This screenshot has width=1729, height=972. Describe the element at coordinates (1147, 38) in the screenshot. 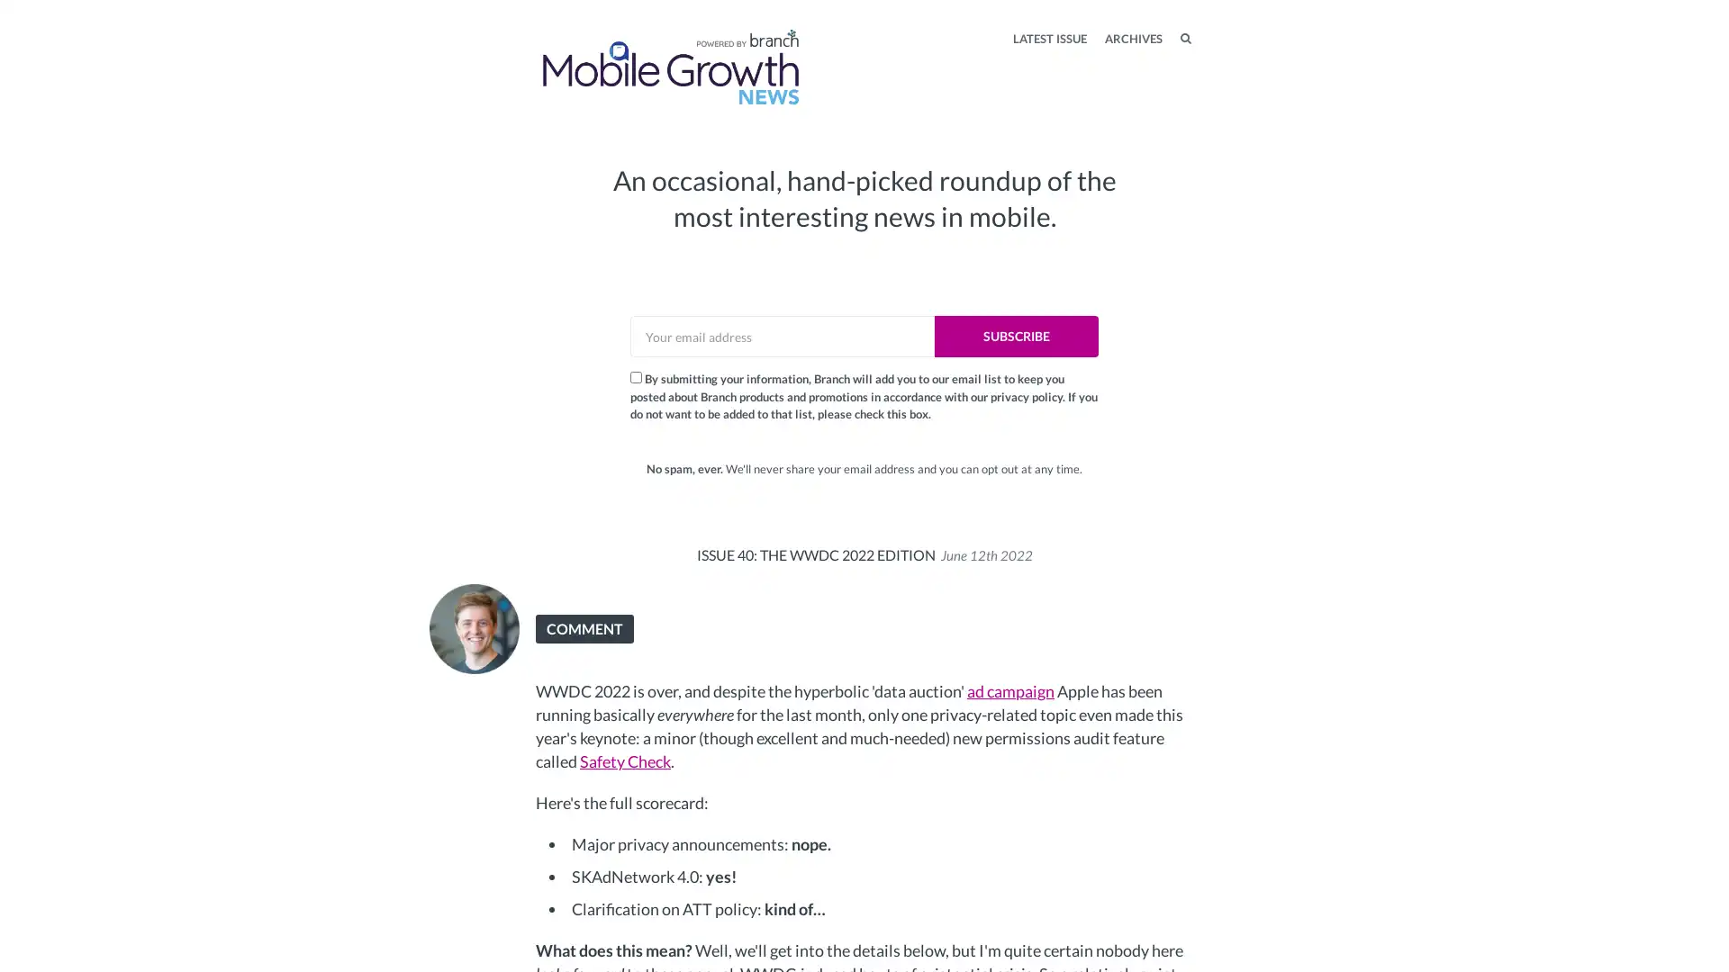

I see `SEARCH` at that location.